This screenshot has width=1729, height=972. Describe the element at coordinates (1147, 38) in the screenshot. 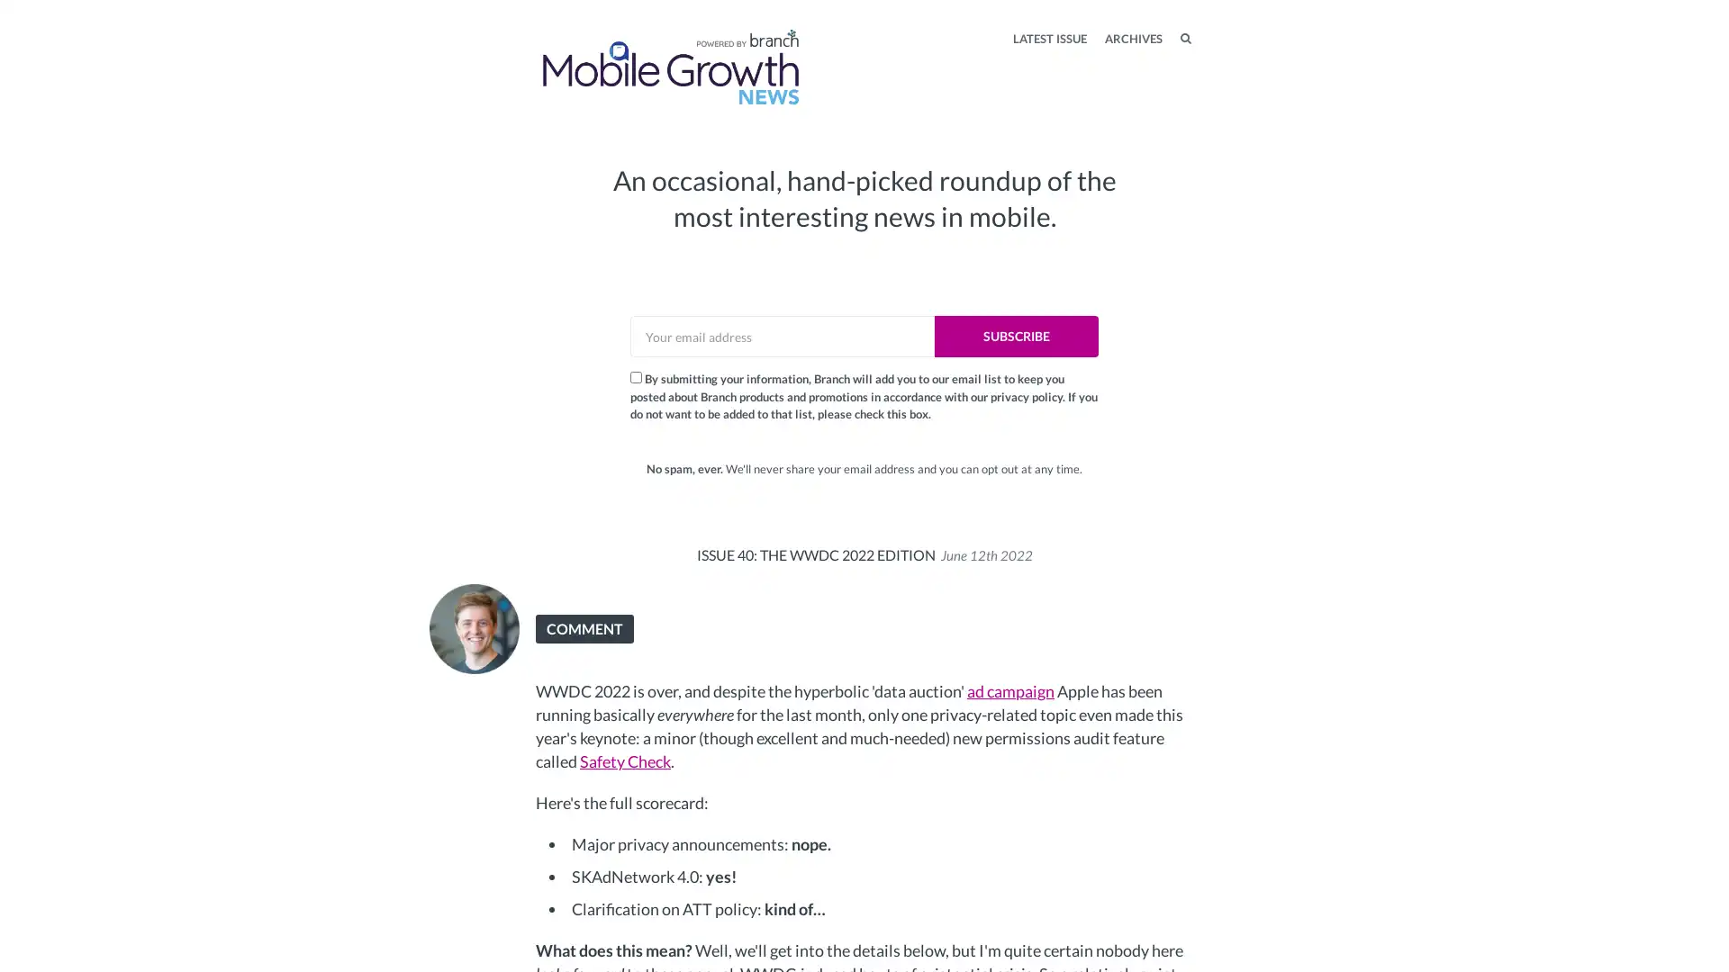

I see `SEARCH` at that location.